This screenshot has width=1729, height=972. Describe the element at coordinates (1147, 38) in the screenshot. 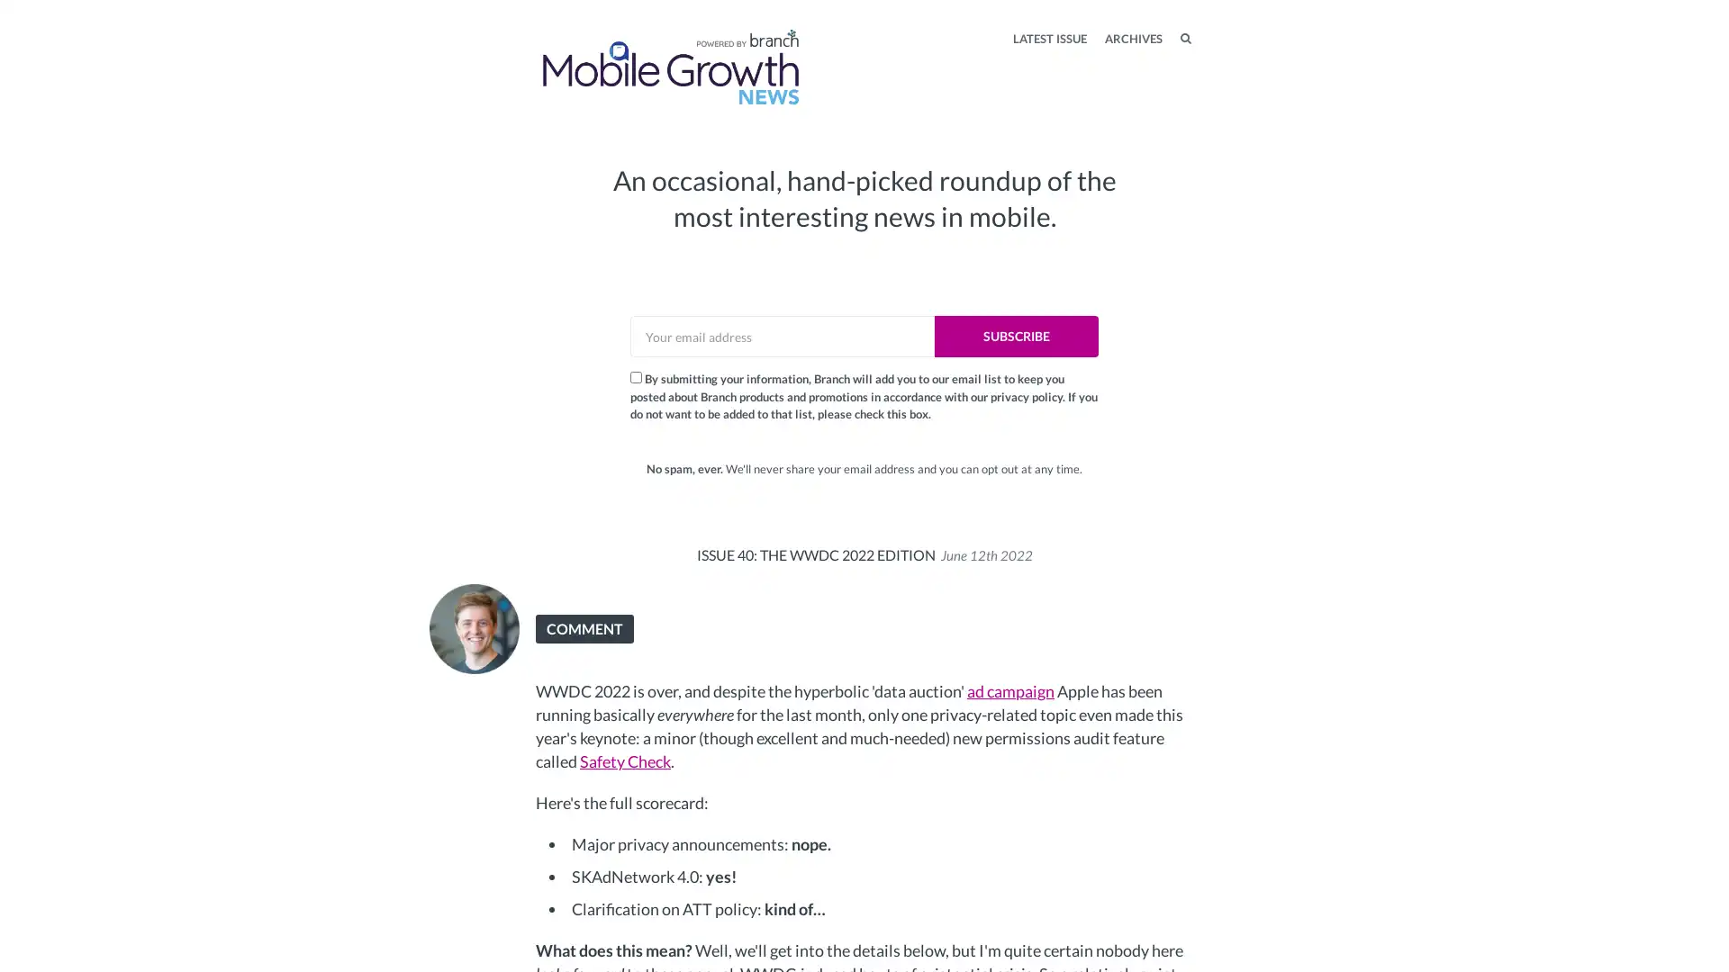

I see `SEARCH` at that location.